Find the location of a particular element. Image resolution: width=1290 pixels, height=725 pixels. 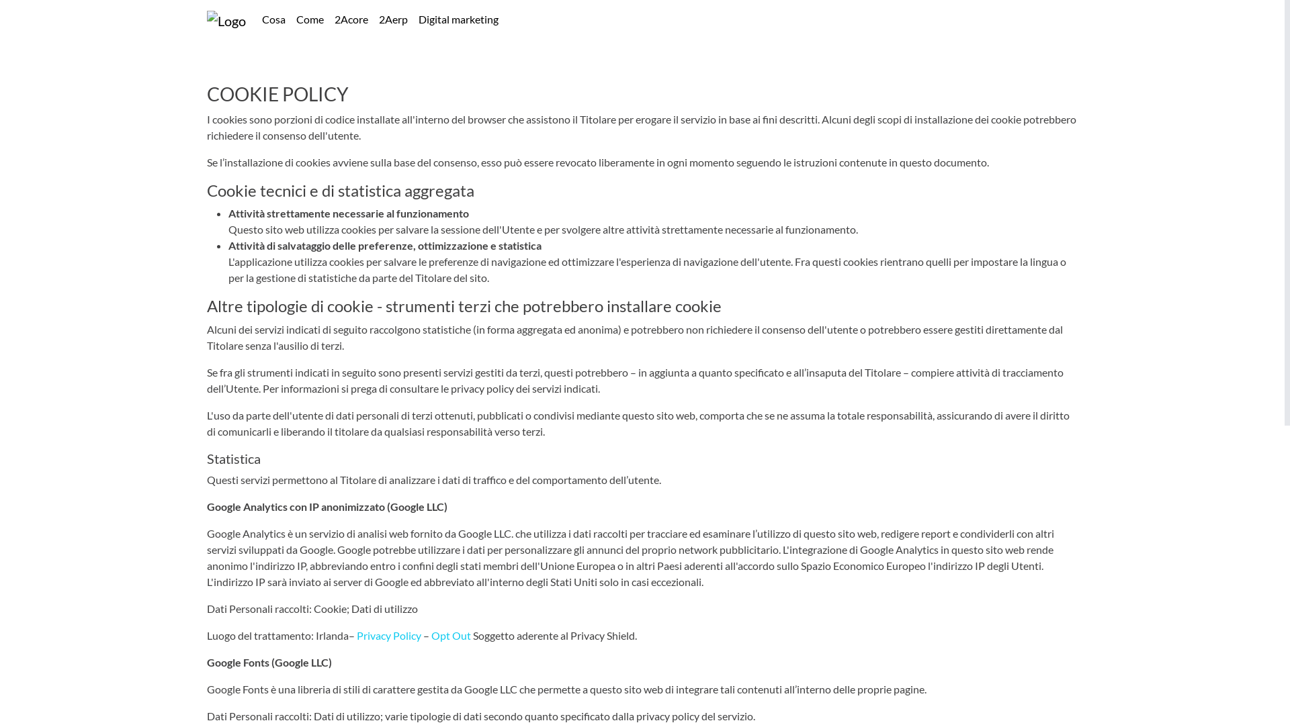

'2Aerp' is located at coordinates (392, 19).